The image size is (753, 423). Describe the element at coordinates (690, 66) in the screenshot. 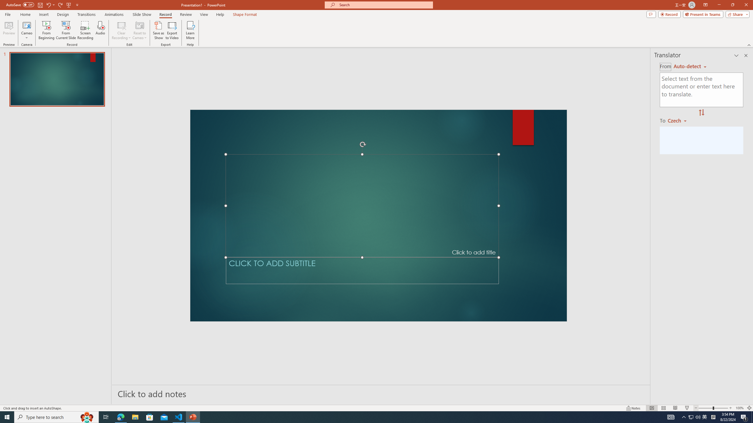

I see `'Auto-detect'` at that location.